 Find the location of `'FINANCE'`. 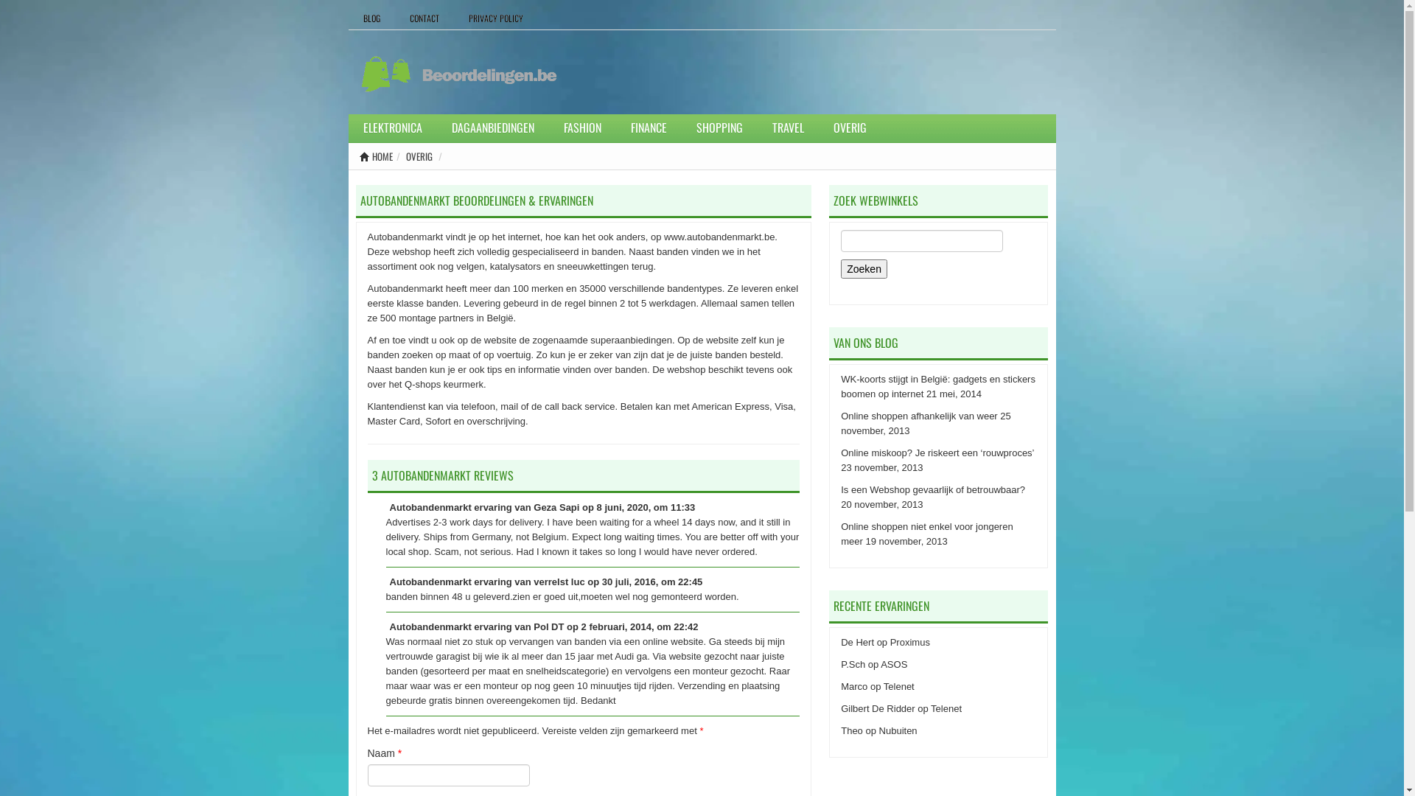

'FINANCE' is located at coordinates (649, 127).